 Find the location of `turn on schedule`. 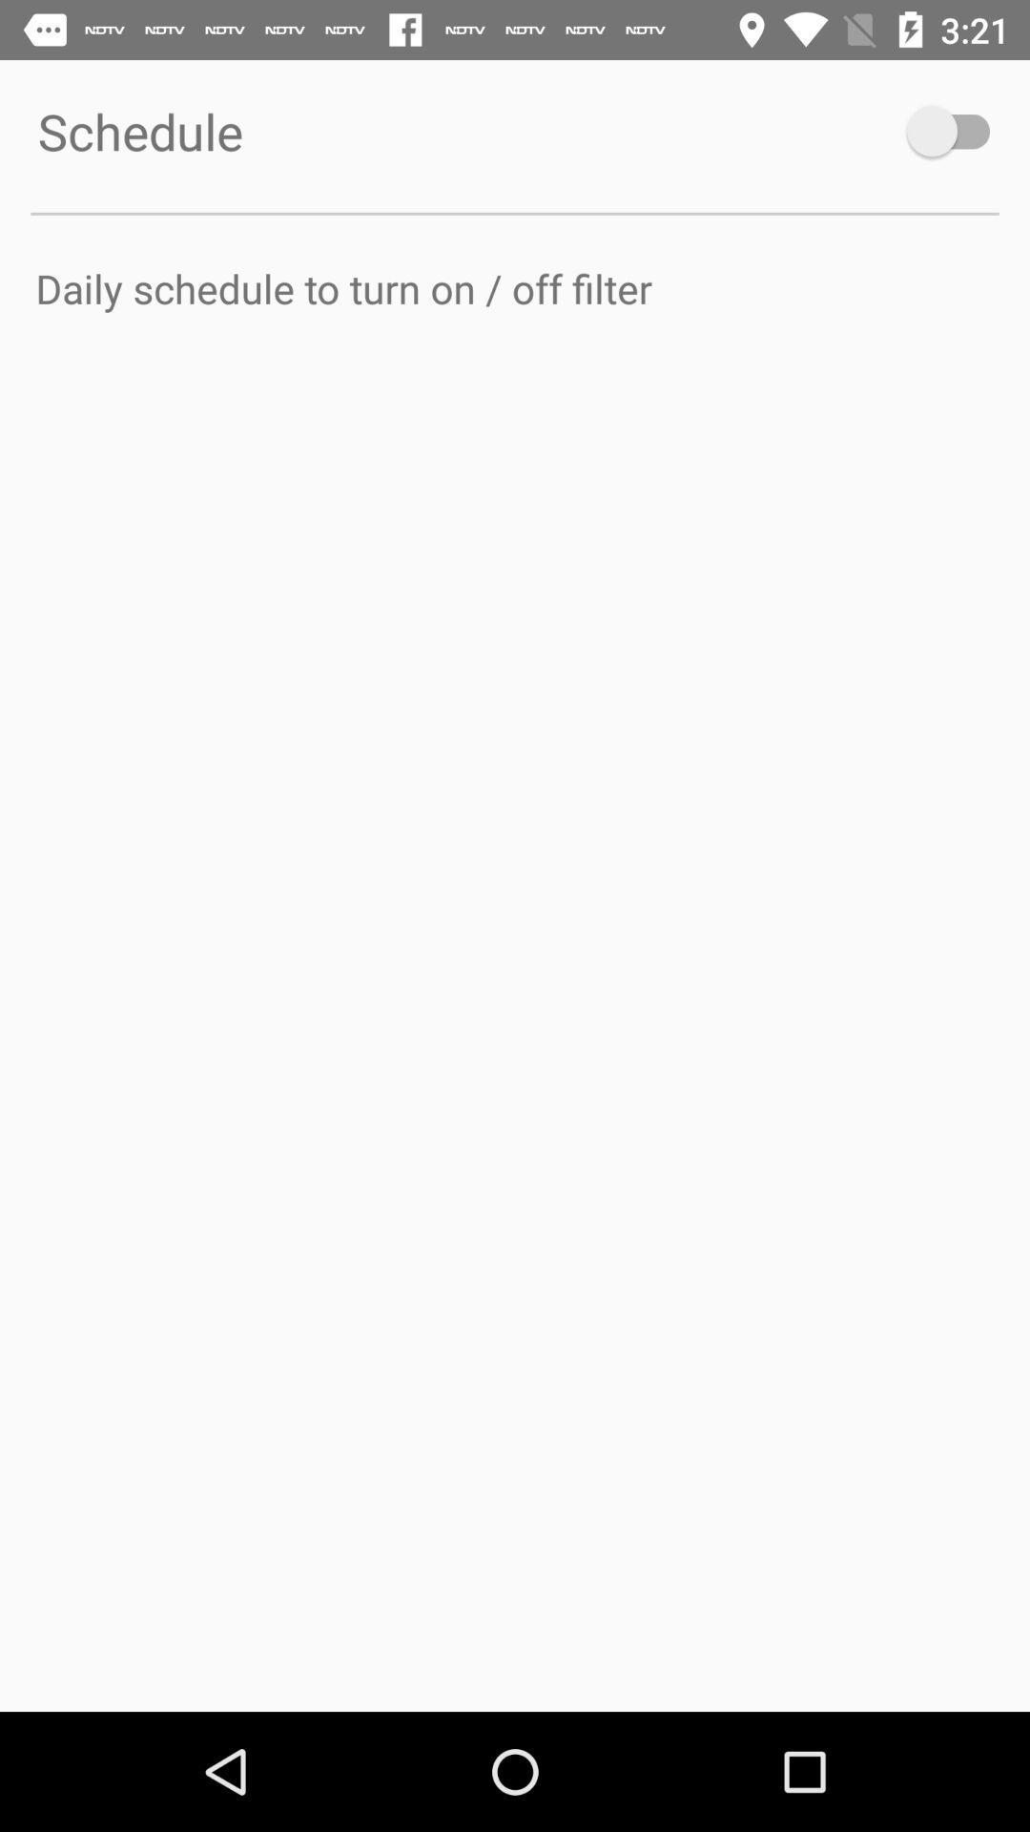

turn on schedule is located at coordinates (958, 130).